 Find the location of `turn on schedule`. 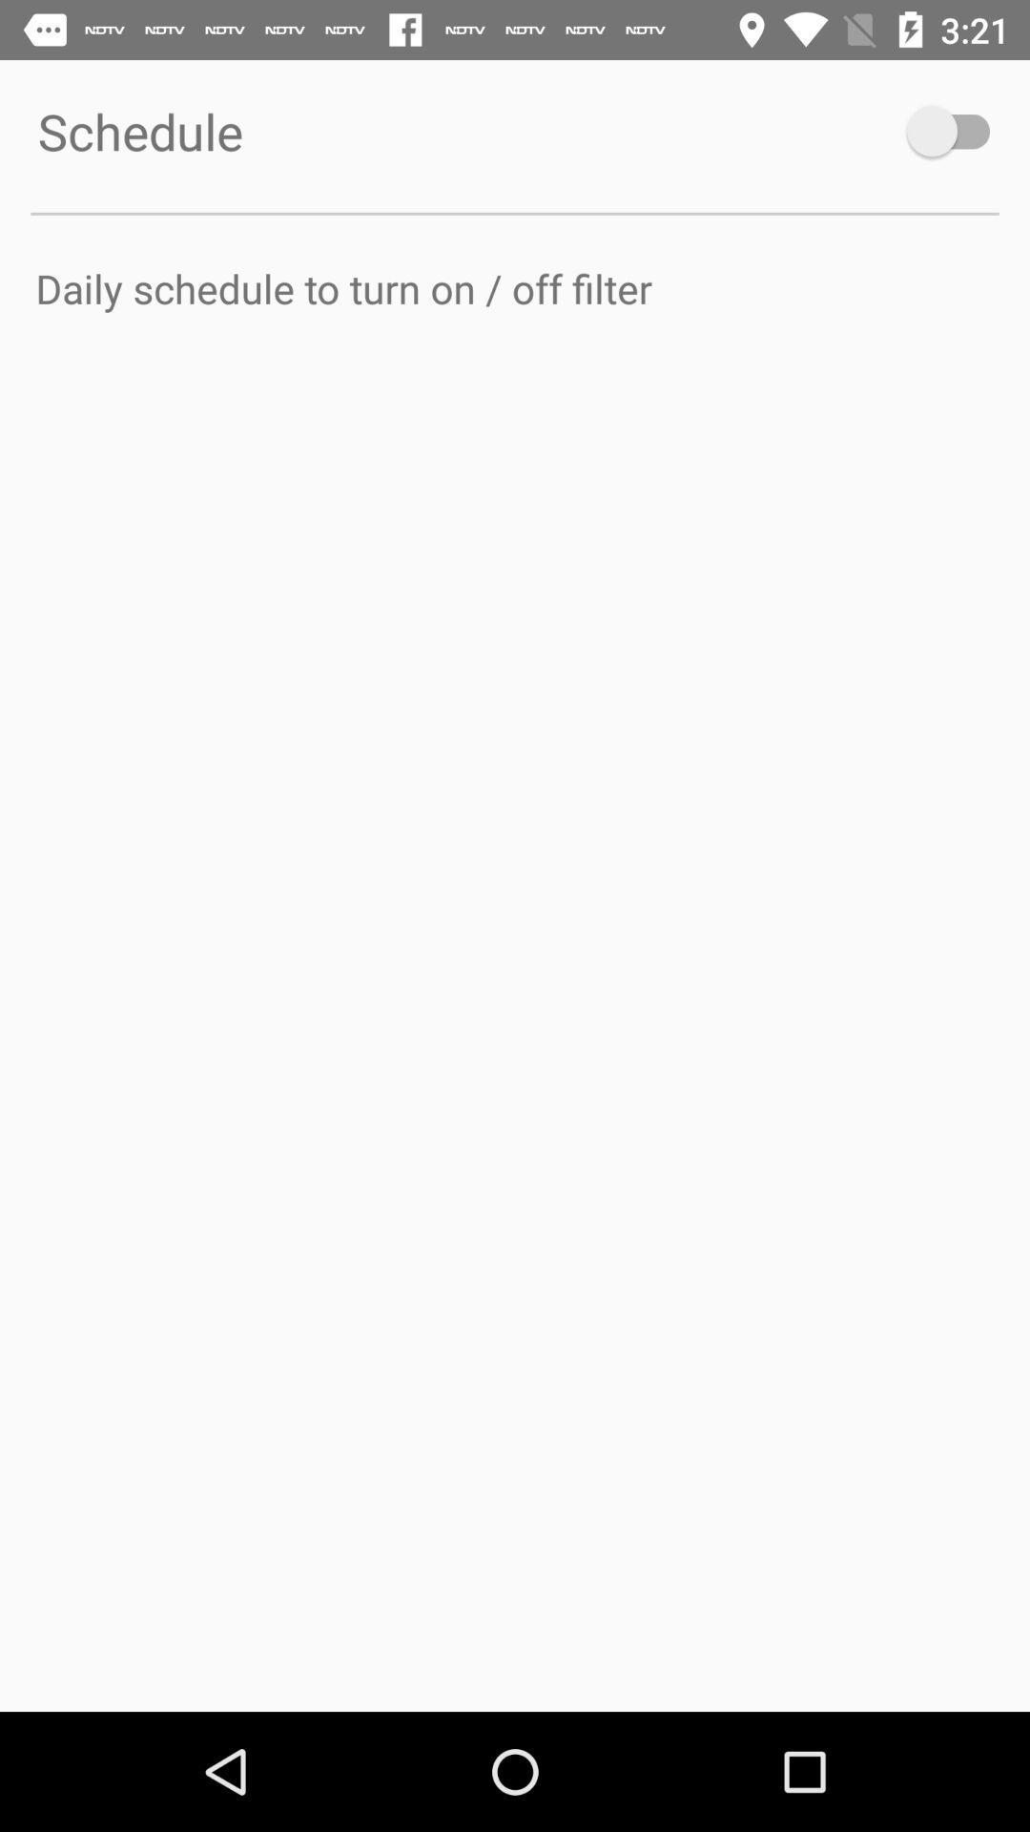

turn on schedule is located at coordinates (958, 130).